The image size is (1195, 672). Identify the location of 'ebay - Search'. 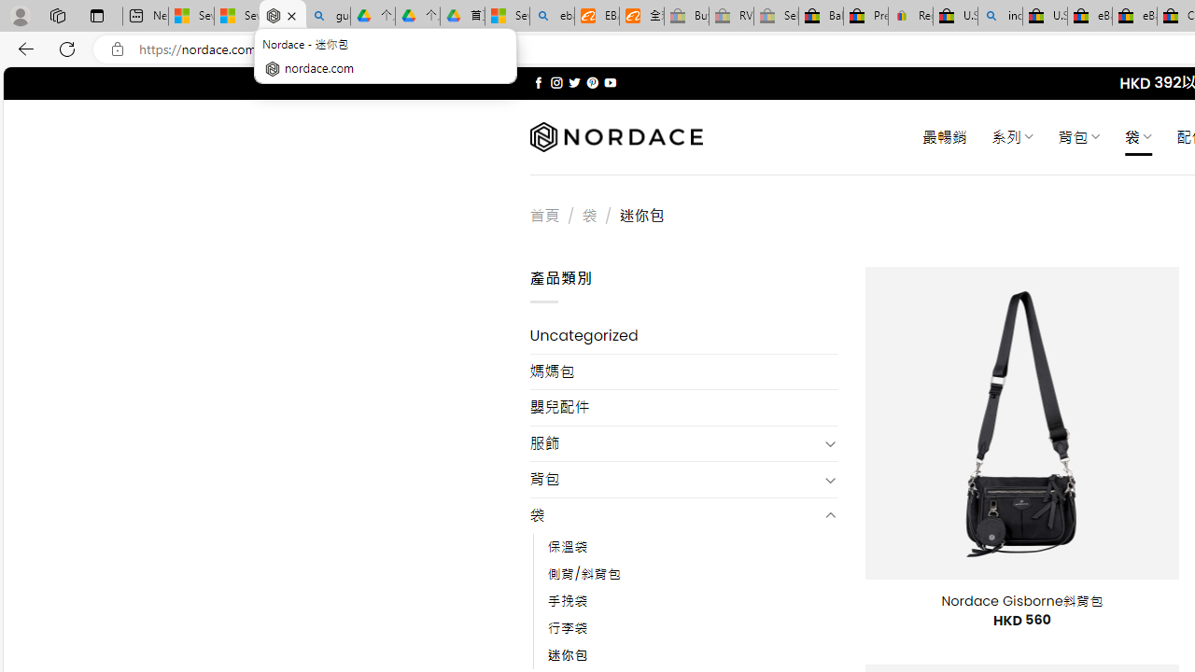
(552, 16).